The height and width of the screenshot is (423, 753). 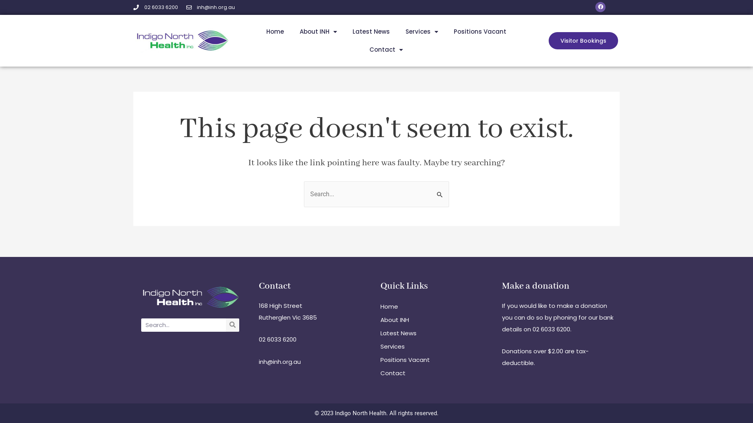 I want to click on 'inh@inh.org.au', so click(x=210, y=7).